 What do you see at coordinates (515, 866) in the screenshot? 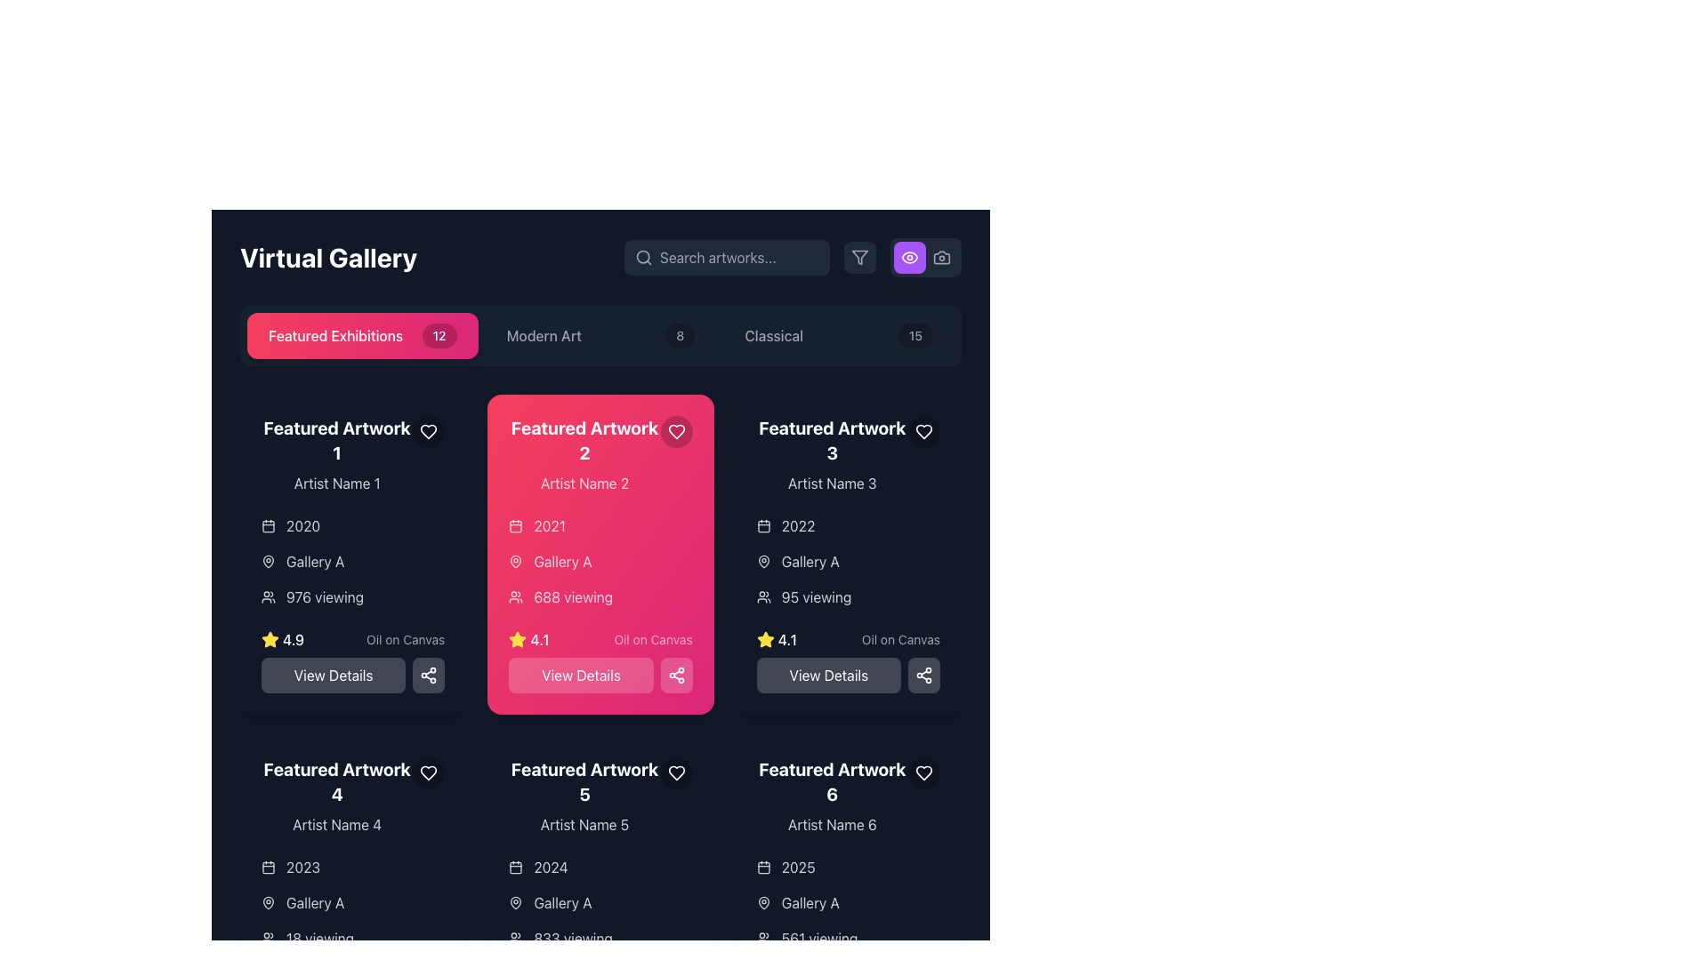
I see `the calendar icon, which is white with rounded corners and located leftmost among its siblings` at bounding box center [515, 866].